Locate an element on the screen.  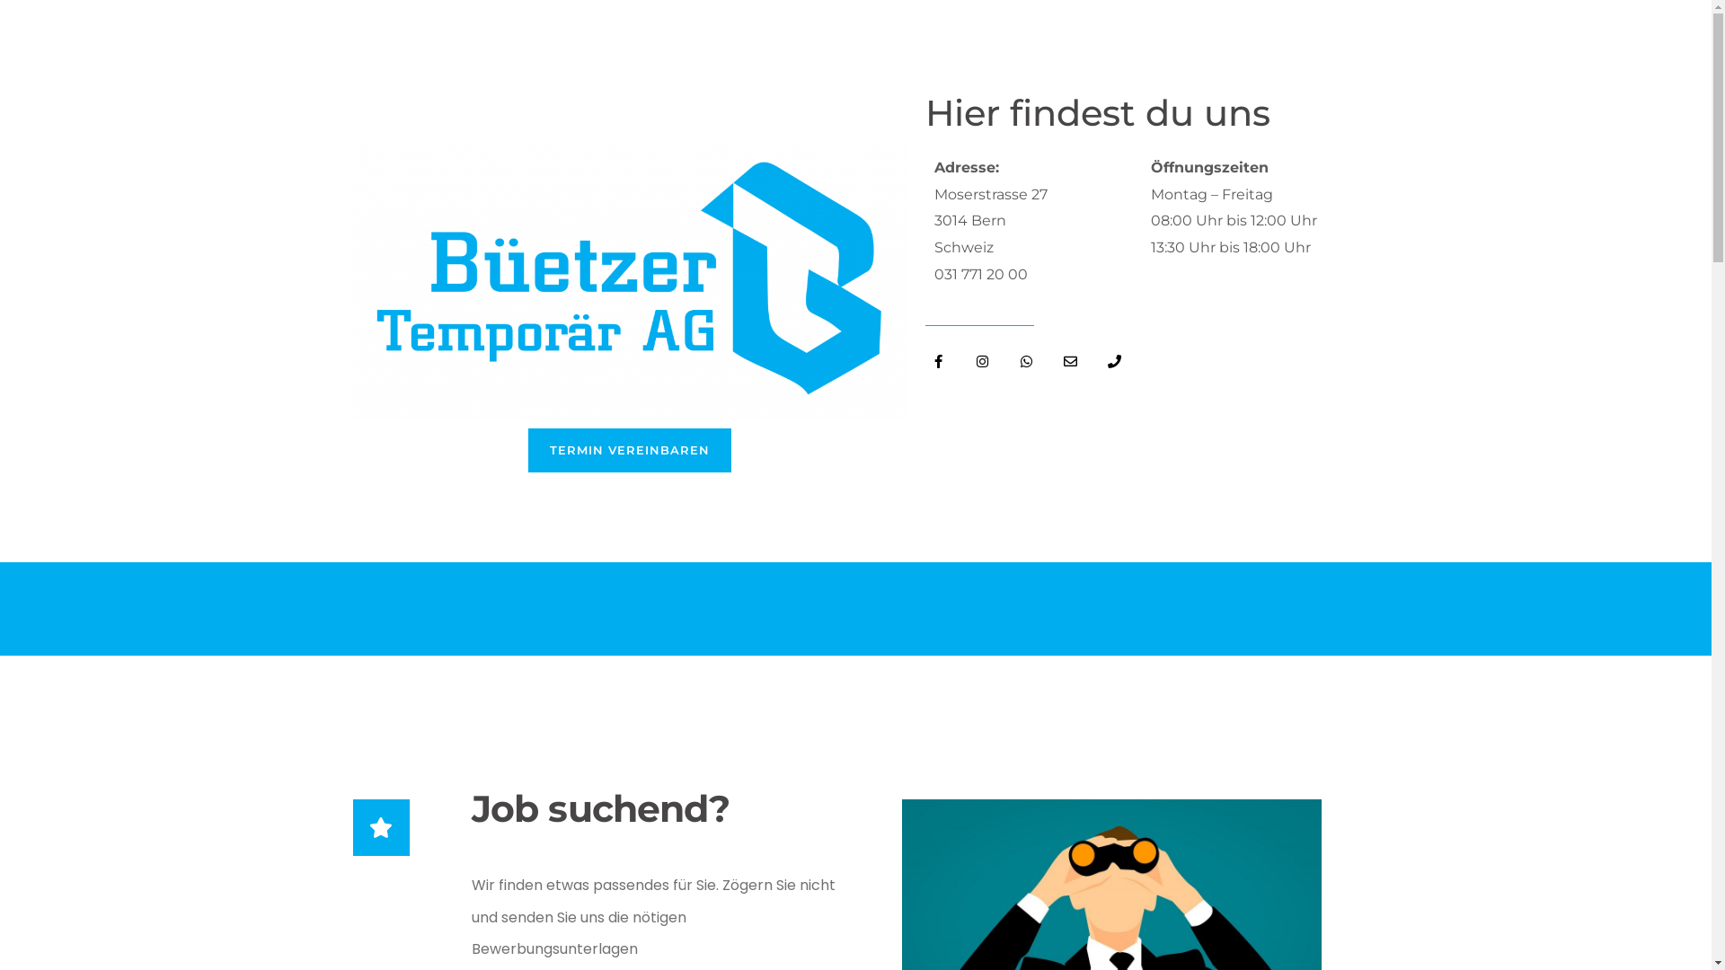
'Facebook-f' is located at coordinates (938, 361).